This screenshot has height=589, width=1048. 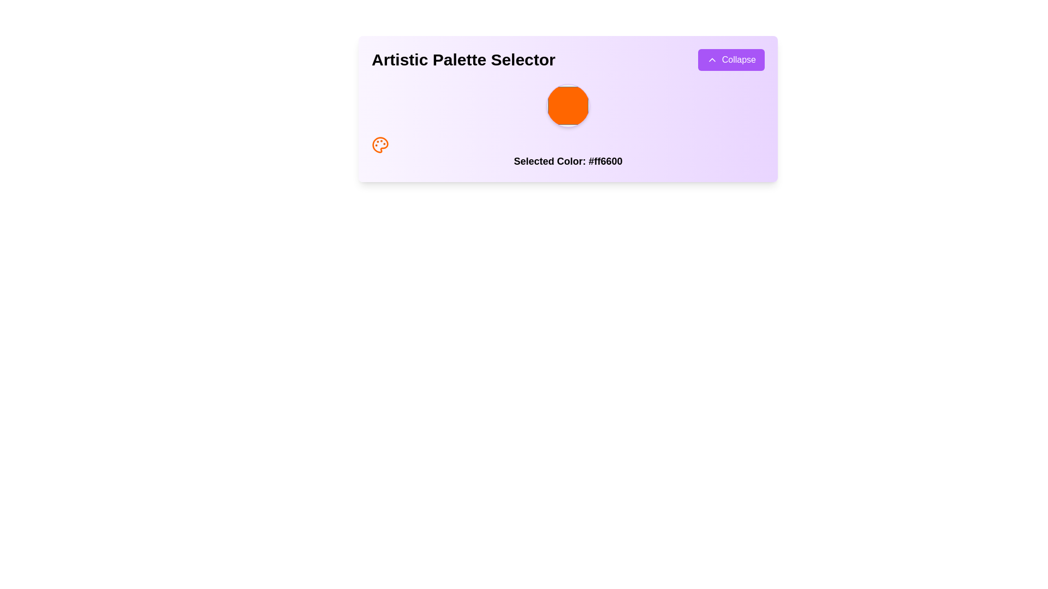 What do you see at coordinates (739, 60) in the screenshot?
I see `the label located in the top-right corner of a button with a purple background and white text, which indicates collapse functionality` at bounding box center [739, 60].